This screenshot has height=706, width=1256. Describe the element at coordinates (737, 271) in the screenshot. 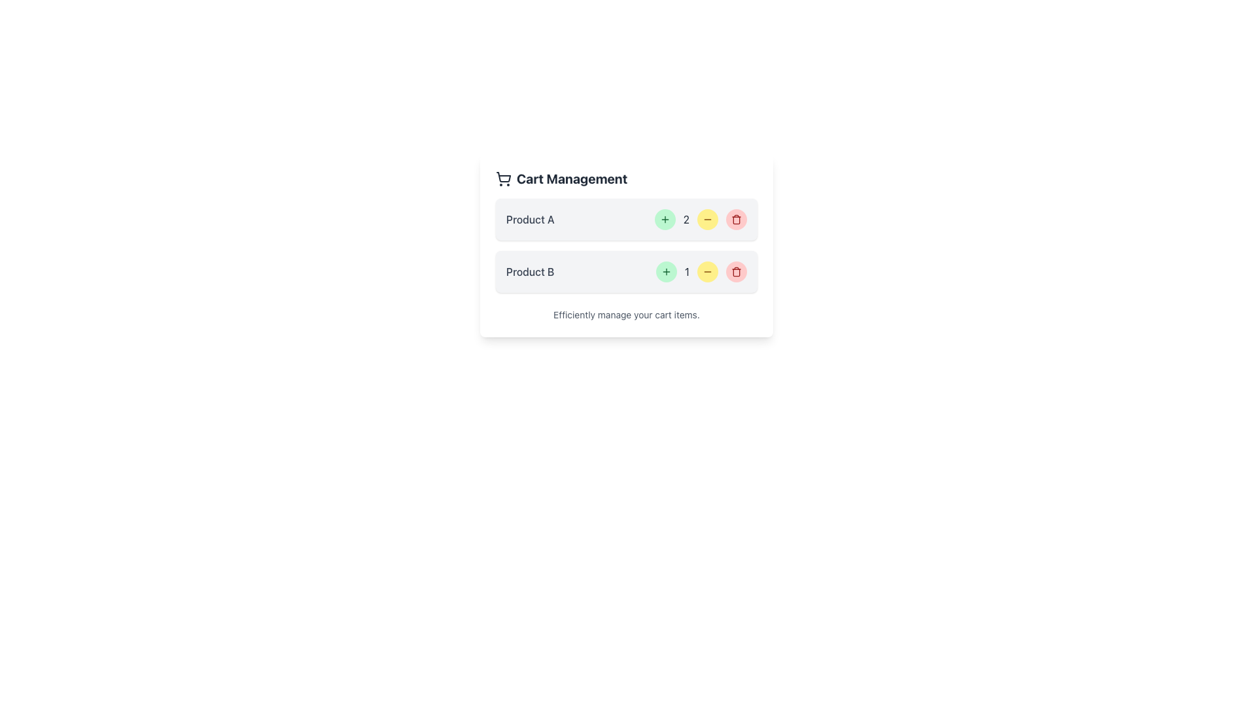

I see `the circular button with a light red background and trash can icon, located to the right of the decrement button for 'Product B', to change its background color` at that location.